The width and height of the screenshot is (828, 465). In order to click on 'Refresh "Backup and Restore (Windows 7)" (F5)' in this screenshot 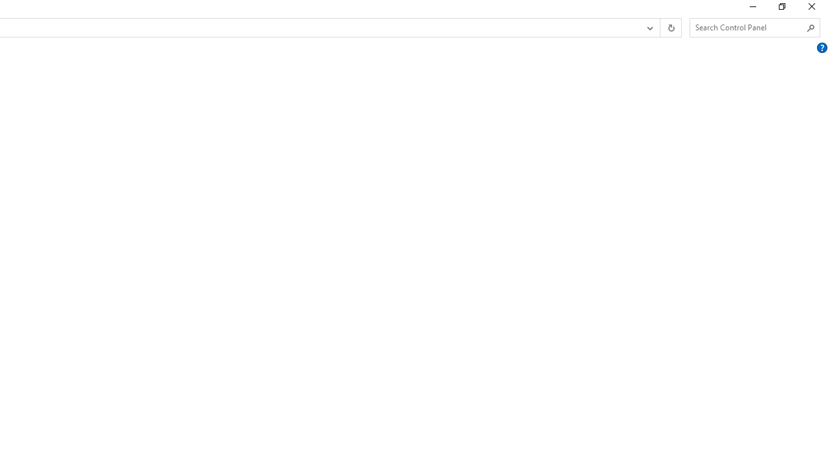, I will do `click(670, 28)`.